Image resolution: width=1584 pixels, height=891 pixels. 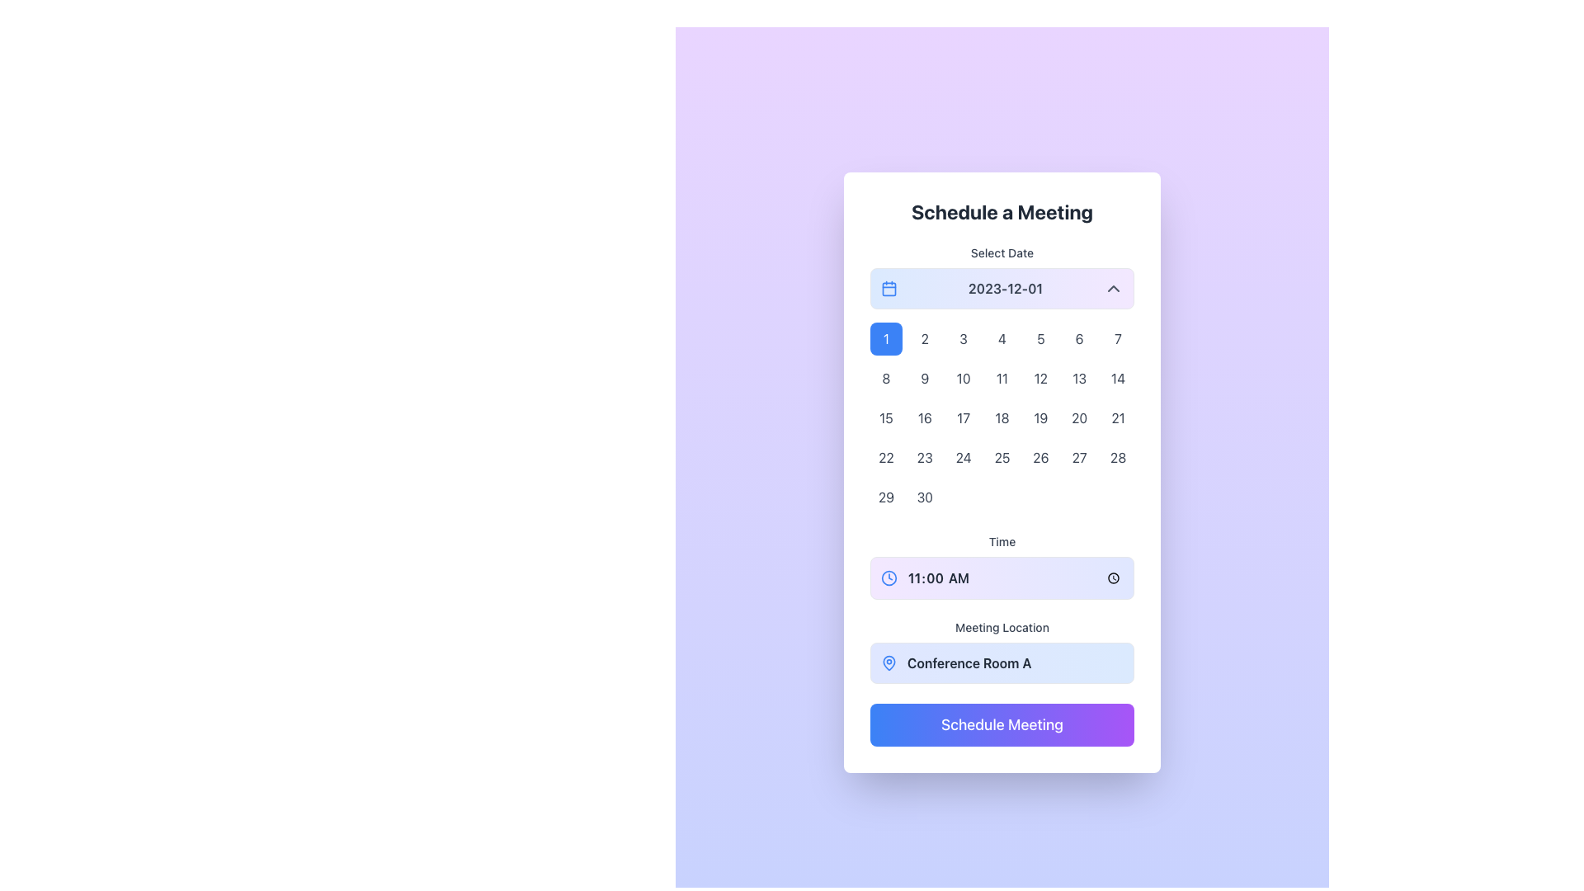 I want to click on the button displaying the number '29' located in the lower-right corner of the grid calendar layout for accessibility interactions, so click(x=885, y=496).